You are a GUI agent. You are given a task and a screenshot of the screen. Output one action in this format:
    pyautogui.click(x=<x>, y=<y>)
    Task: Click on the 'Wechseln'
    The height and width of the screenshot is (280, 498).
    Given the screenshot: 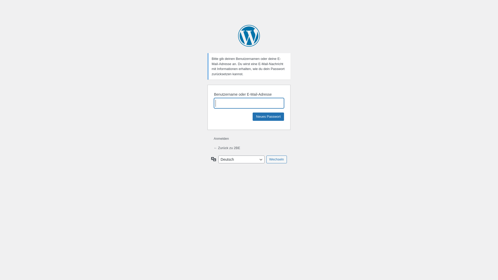 What is the action you would take?
    pyautogui.click(x=266, y=159)
    